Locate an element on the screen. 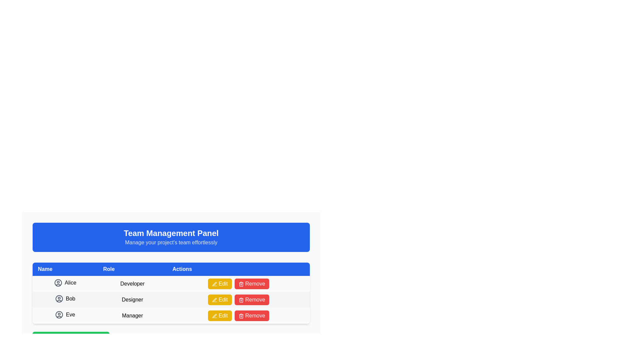 This screenshot has height=359, width=639. the second row in the team members table that displays the entry for 'Bob', who is a 'Designer' is located at coordinates (171, 300).